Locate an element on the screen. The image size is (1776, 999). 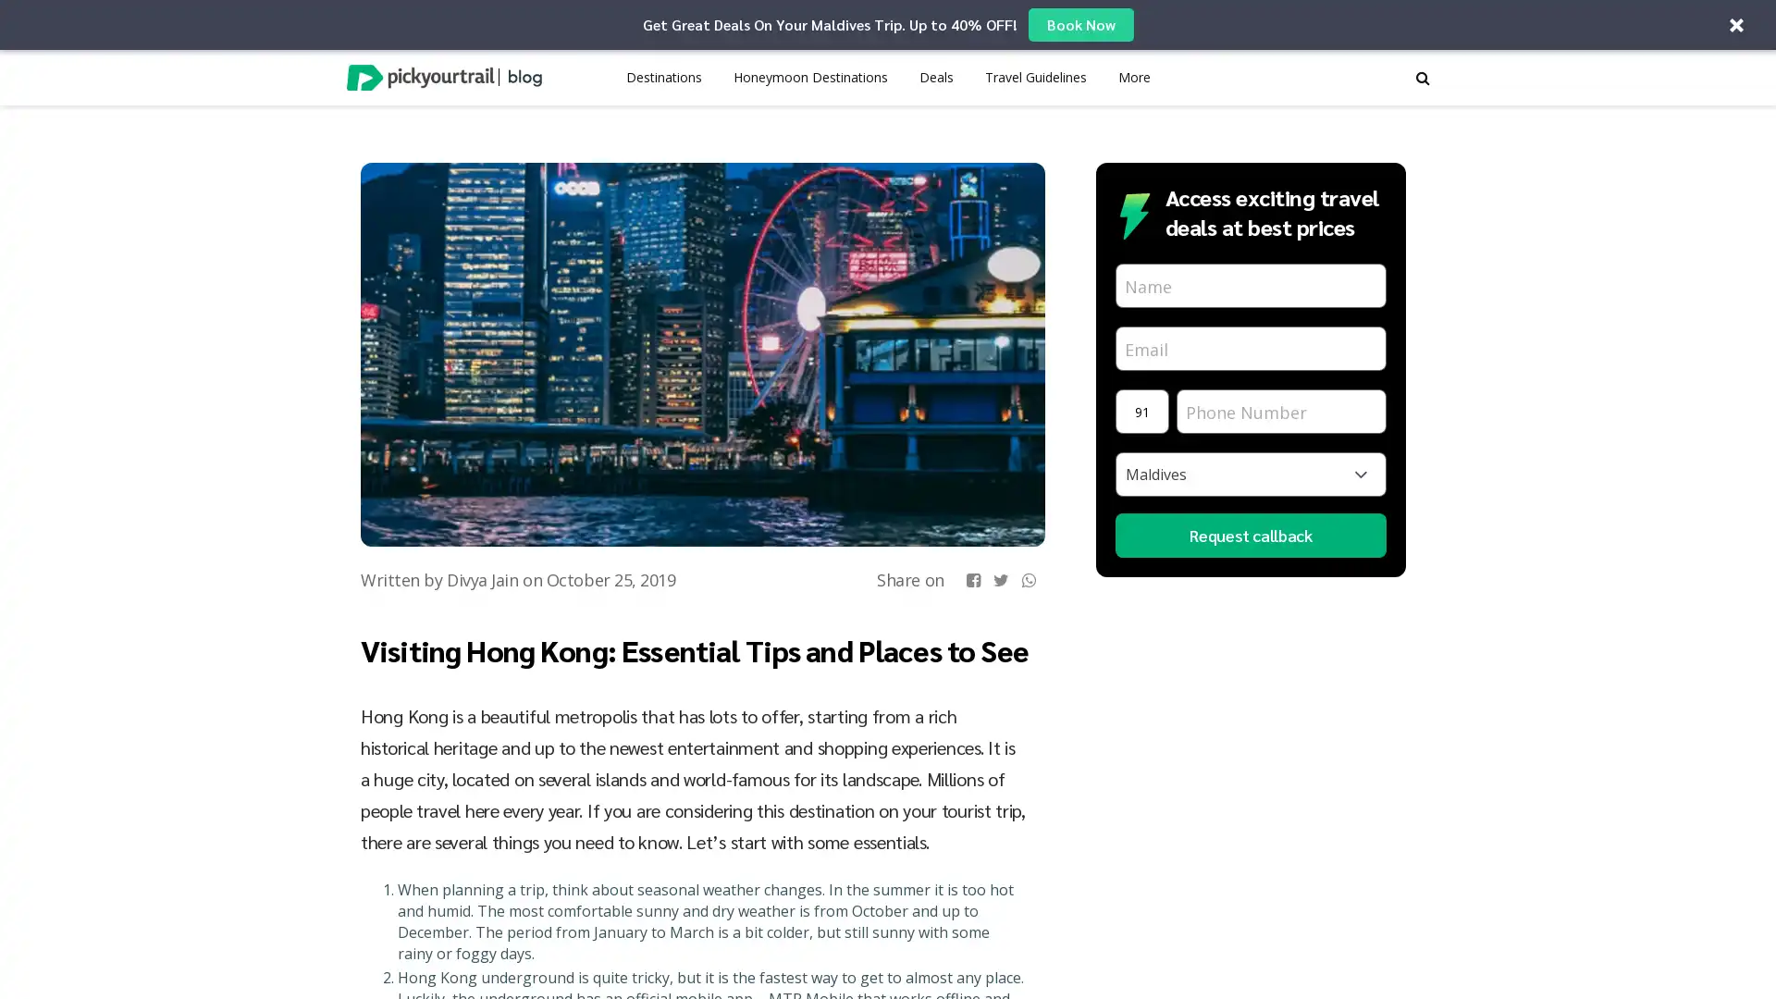
Book Now is located at coordinates (1079, 25).